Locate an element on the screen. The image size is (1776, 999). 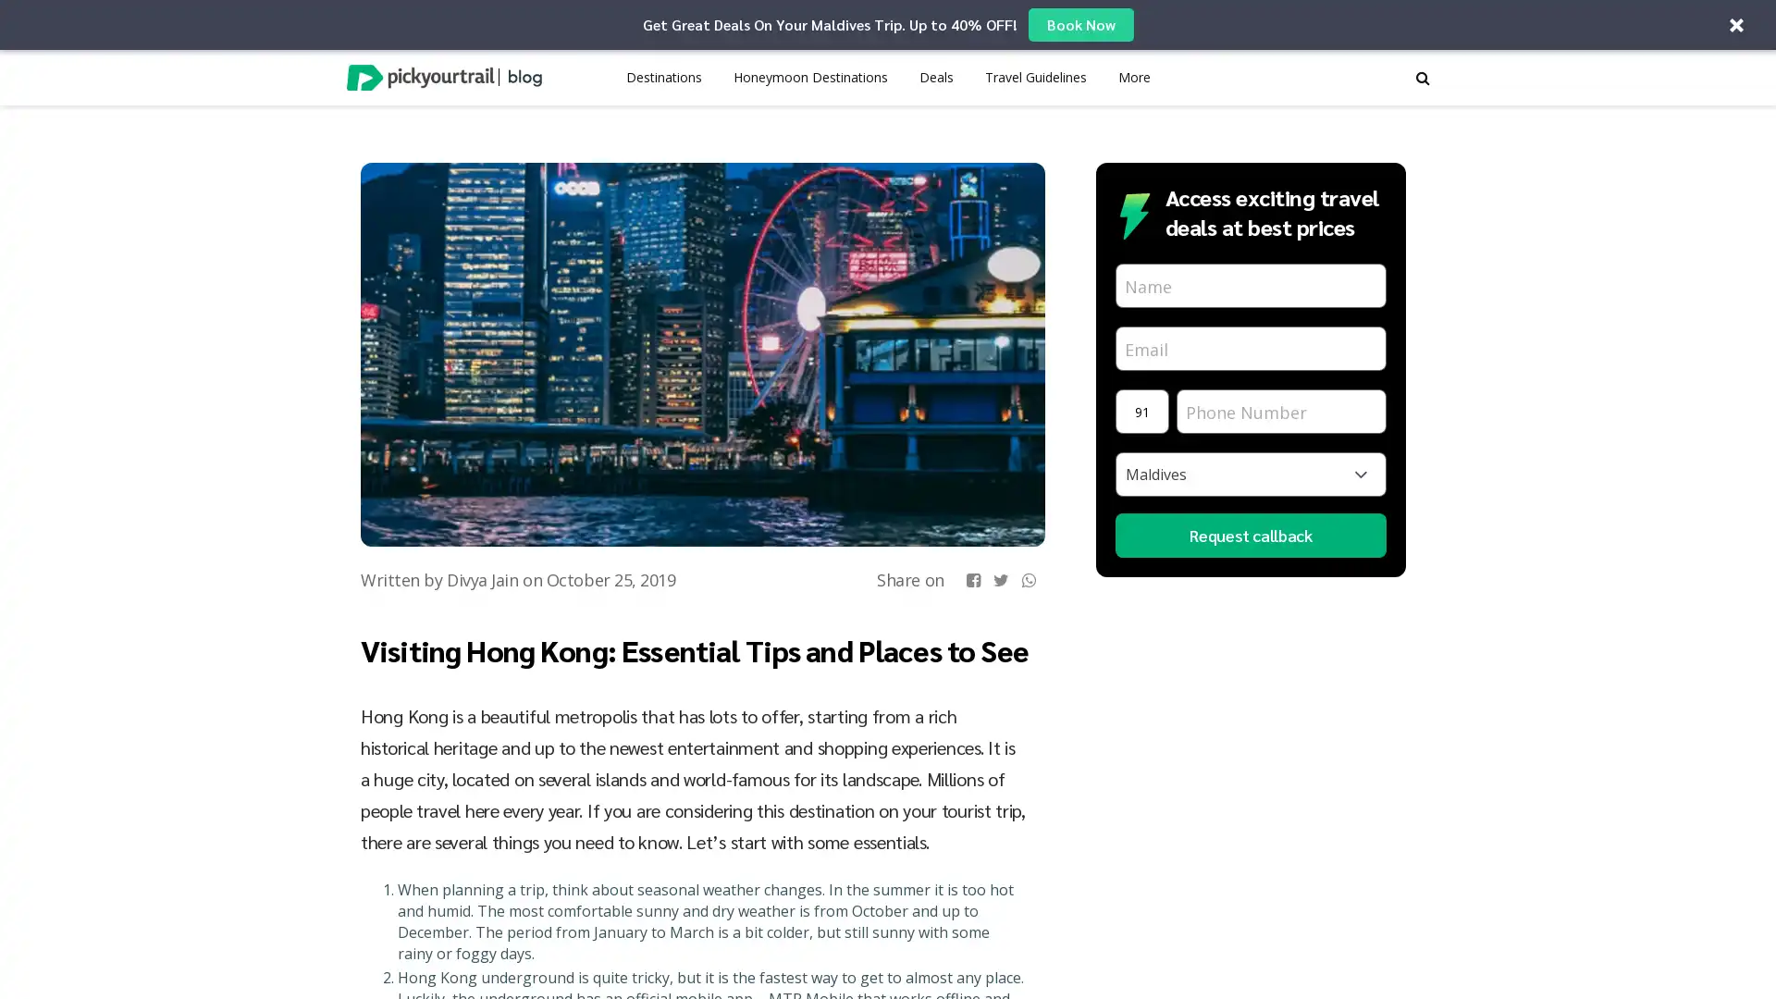
Book Now is located at coordinates (1079, 25).